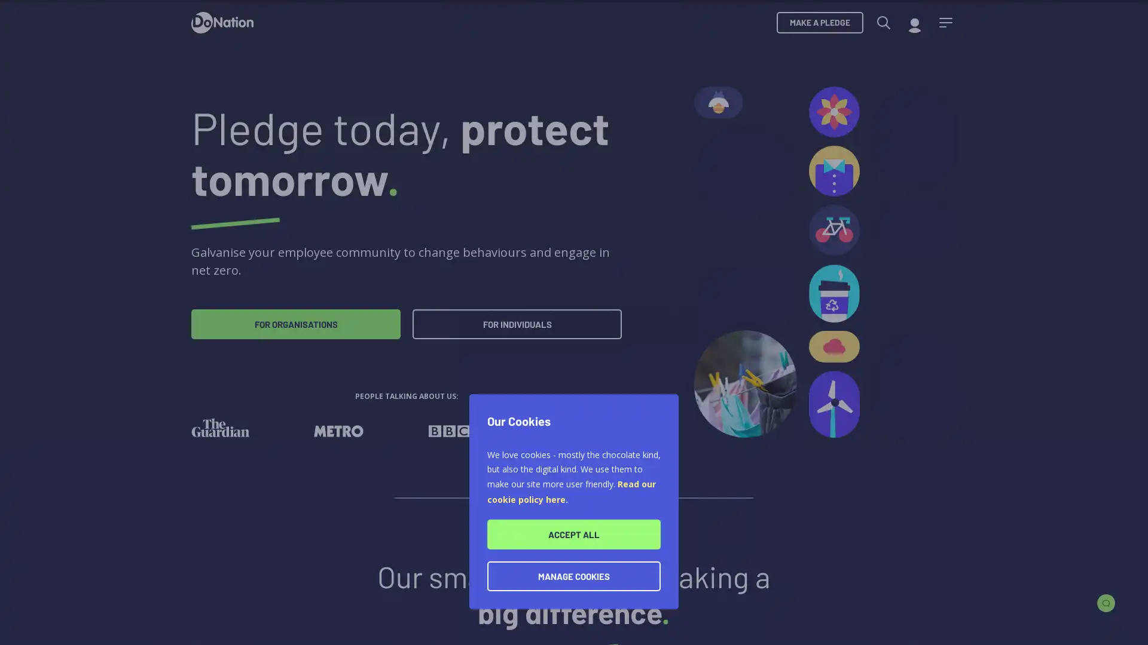  What do you see at coordinates (574, 533) in the screenshot?
I see `ACCEPT ALL` at bounding box center [574, 533].